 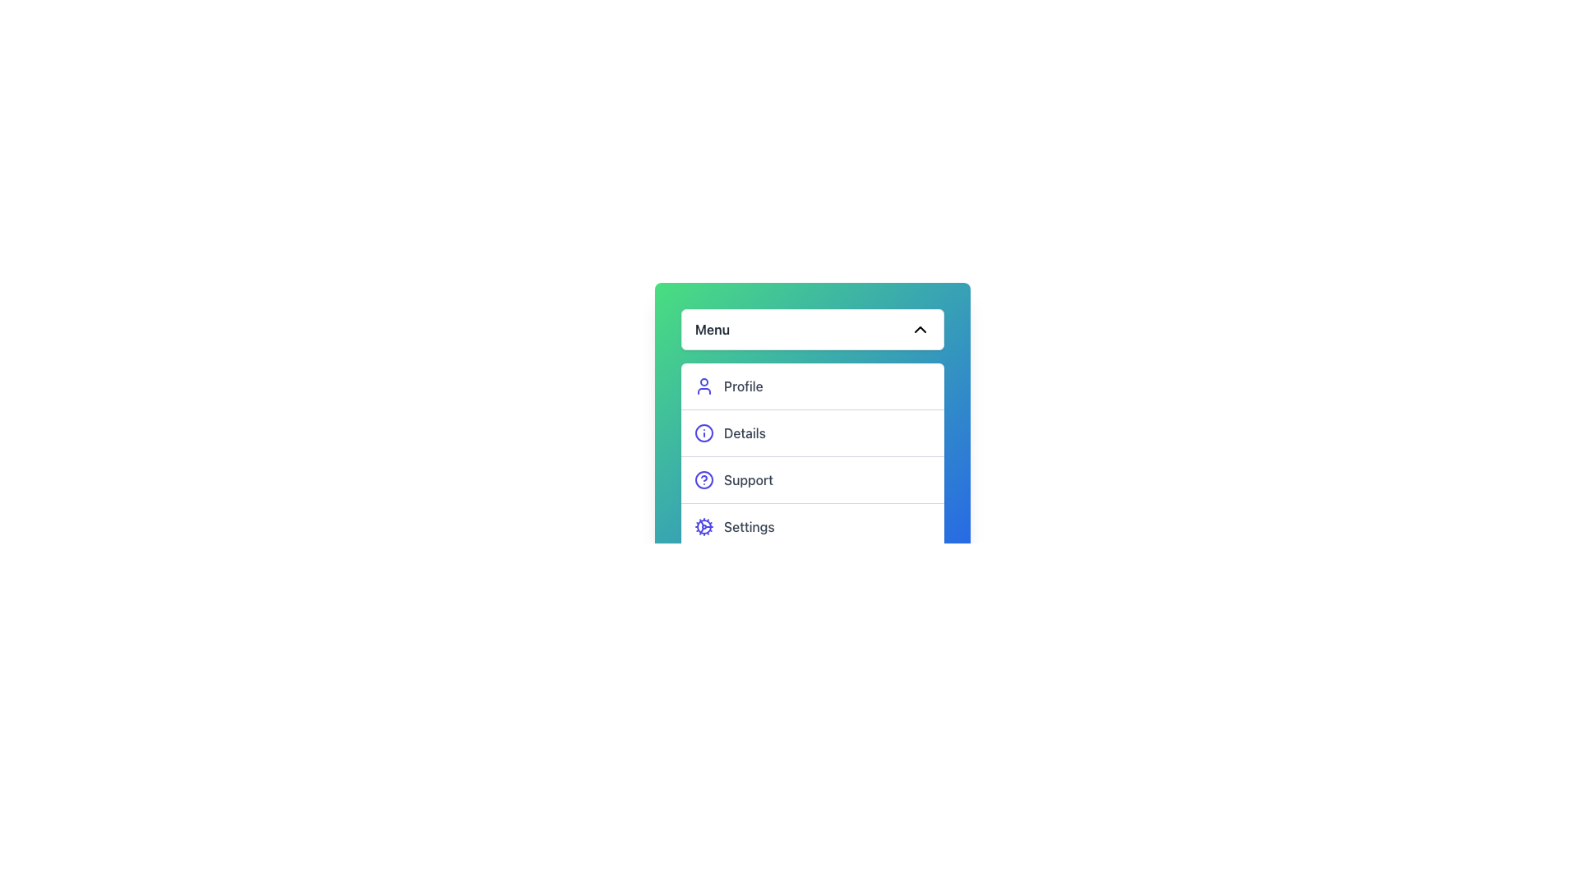 What do you see at coordinates (812, 479) in the screenshot?
I see `the third menu item in a vertically stacked menu list` at bounding box center [812, 479].